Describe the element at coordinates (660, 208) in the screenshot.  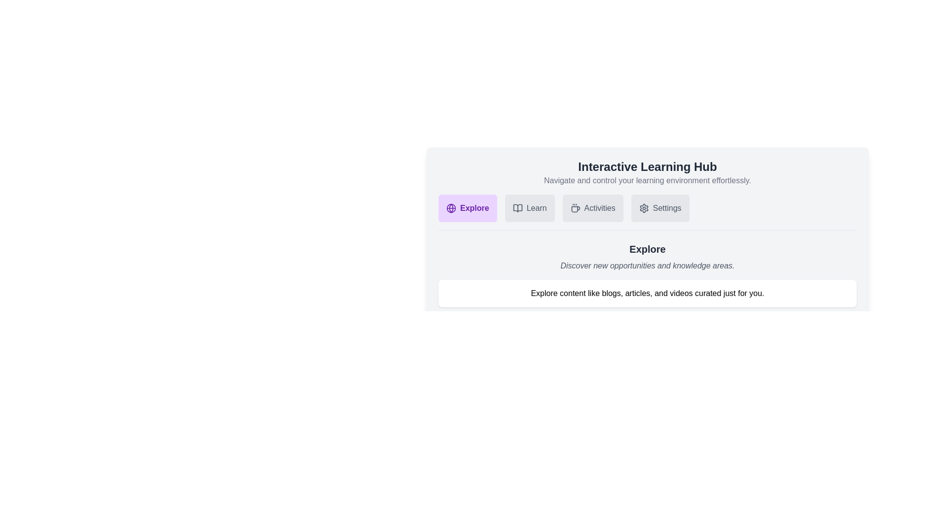
I see `the navigation button located as the fourth button in a horizontal row, positioned to the right of the 'Activities' button` at that location.